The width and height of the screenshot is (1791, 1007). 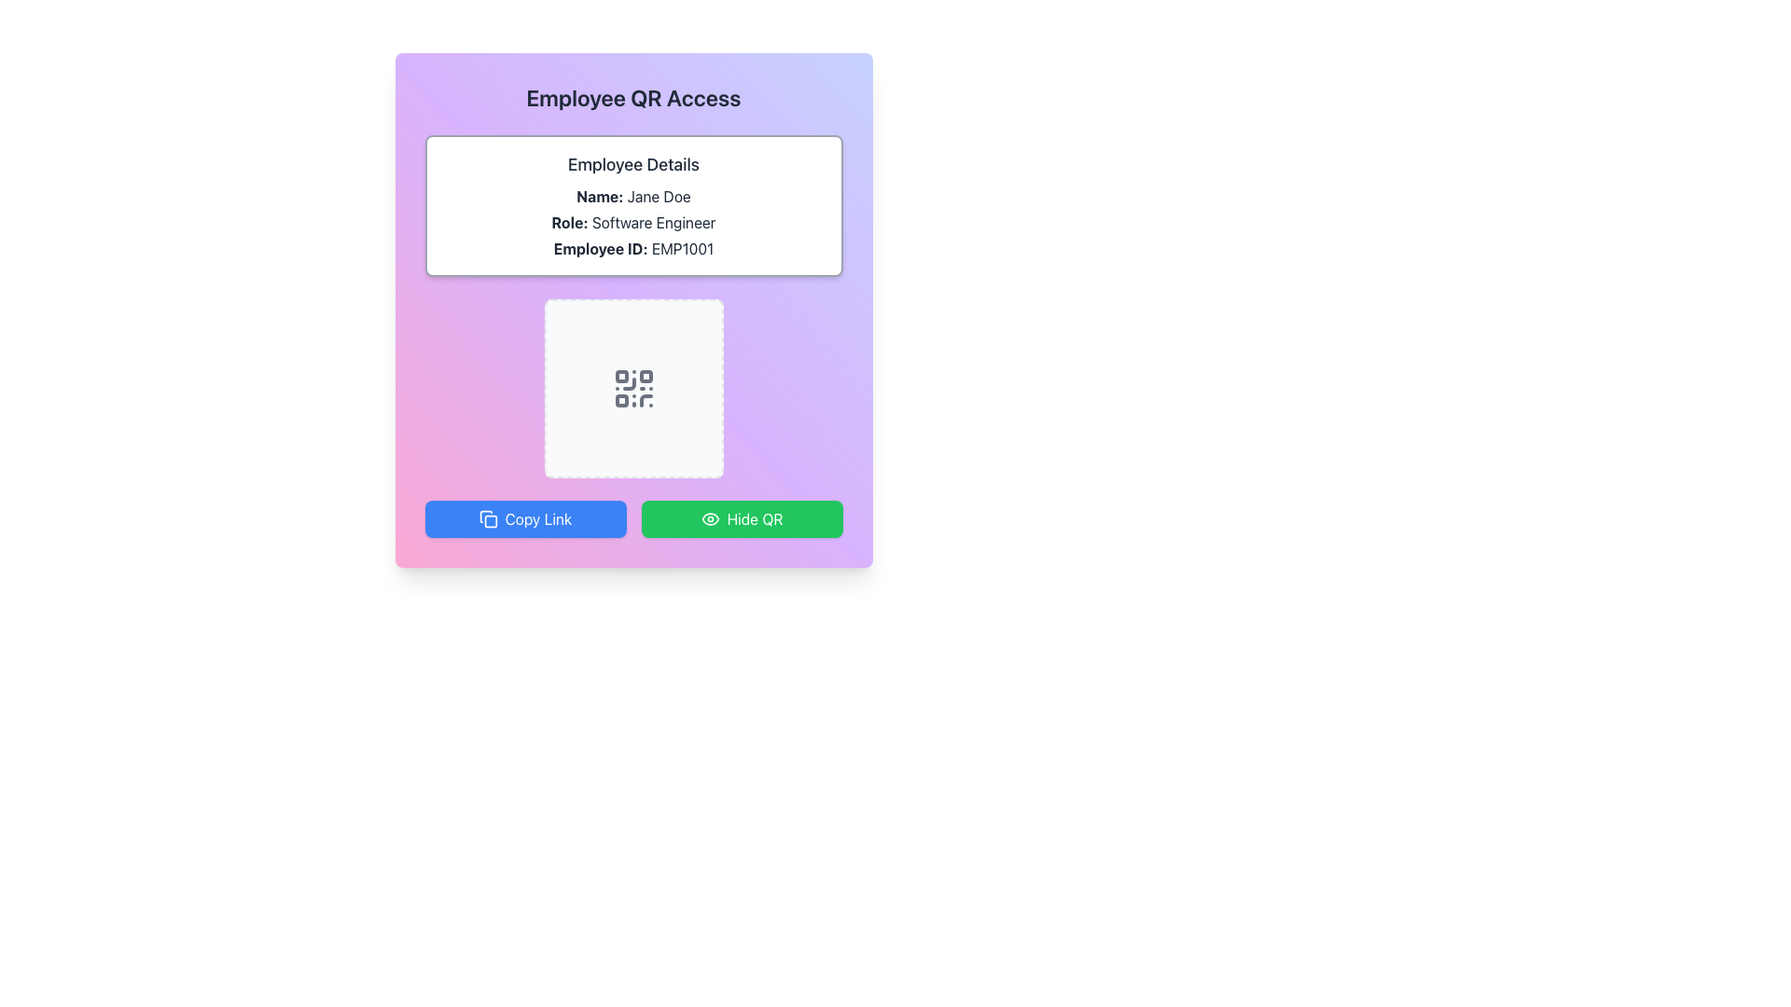 What do you see at coordinates (601, 247) in the screenshot?
I see `the label containing the text 'Employee ID:' which is styled in bold and located beneath the 'Role:' field in the 'Employee Details' panel` at bounding box center [601, 247].